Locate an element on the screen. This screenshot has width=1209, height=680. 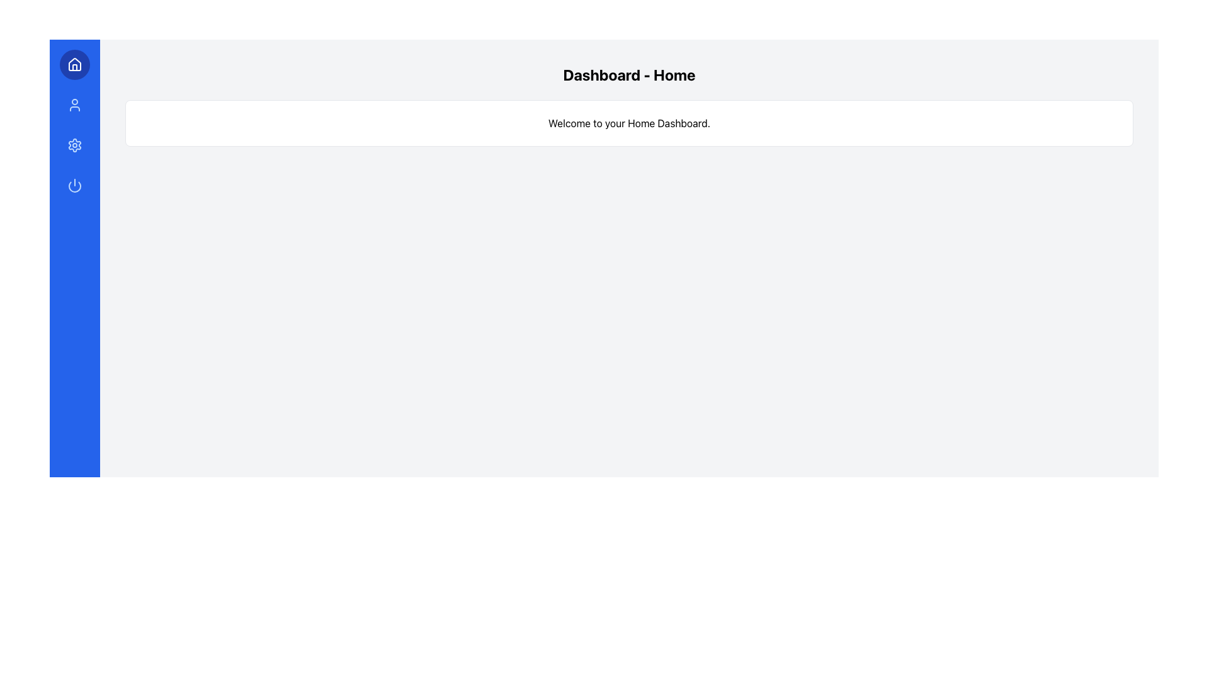
the second button in the vertically aligned menu on the left sidebar is located at coordinates (74, 104).